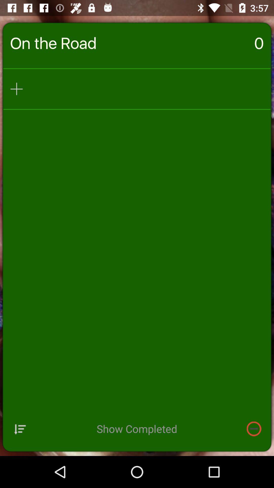 This screenshot has width=274, height=488. I want to click on the filter_list icon, so click(20, 459).